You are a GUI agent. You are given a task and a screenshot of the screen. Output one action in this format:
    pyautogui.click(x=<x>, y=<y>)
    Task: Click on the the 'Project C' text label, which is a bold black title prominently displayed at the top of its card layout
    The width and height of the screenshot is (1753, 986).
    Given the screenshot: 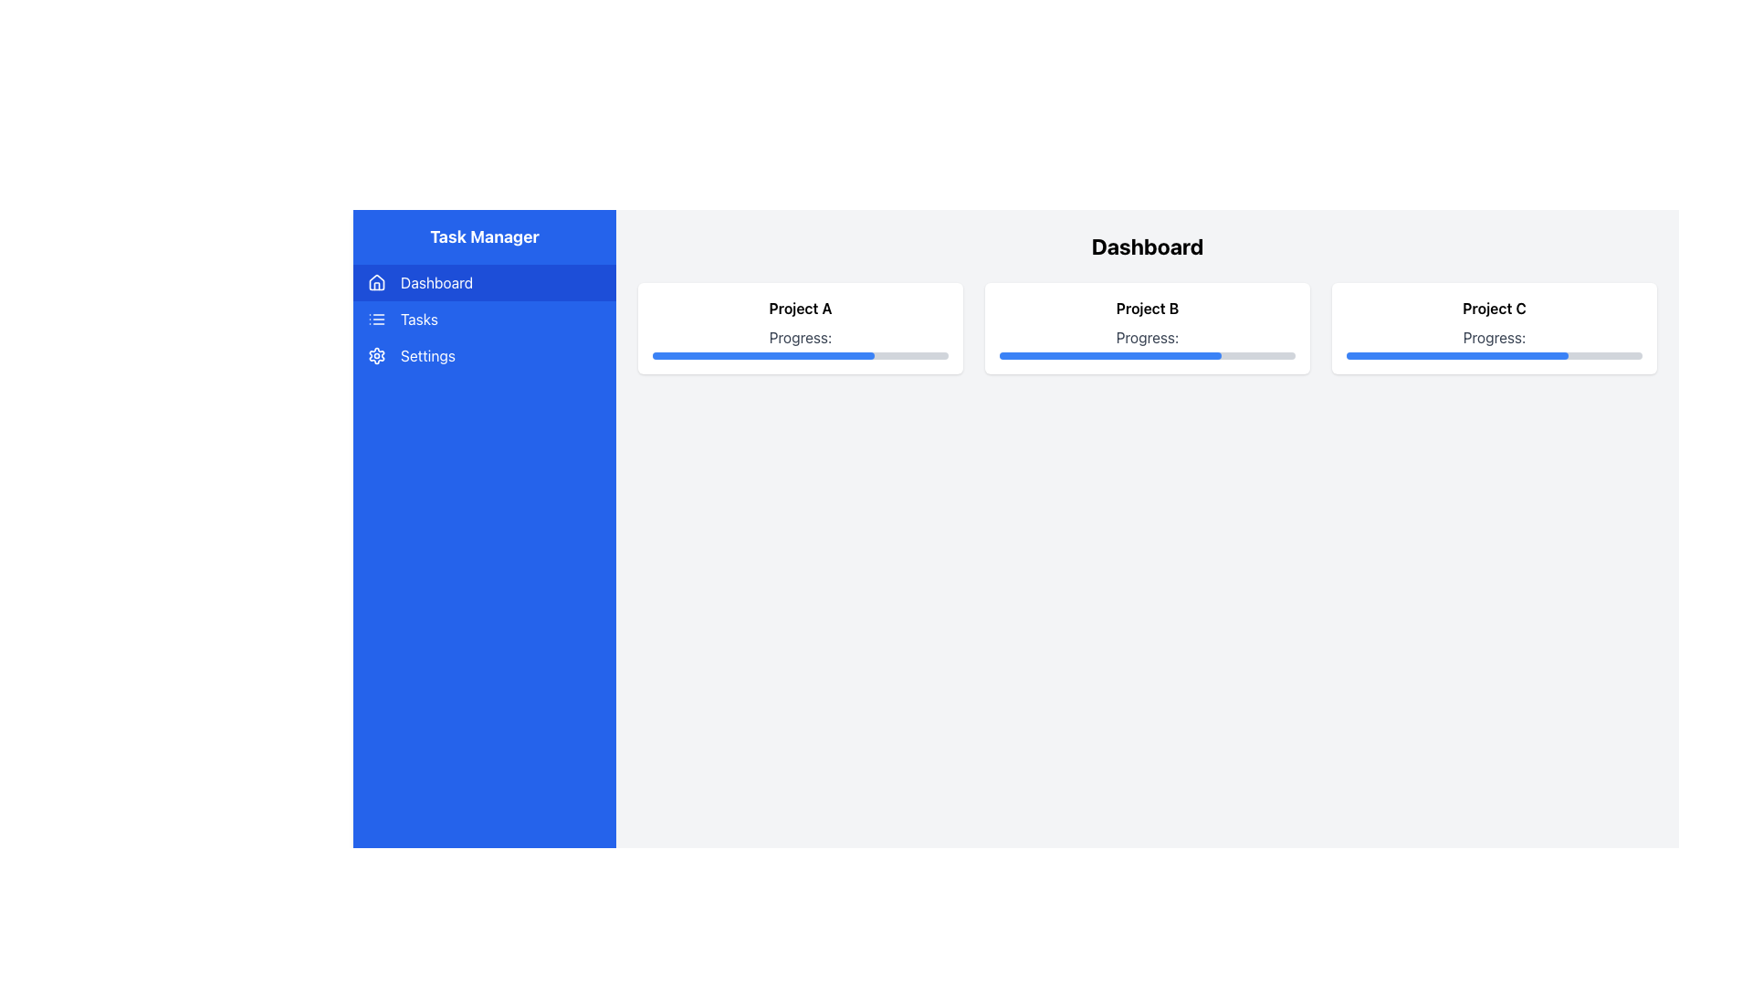 What is the action you would take?
    pyautogui.click(x=1494, y=308)
    